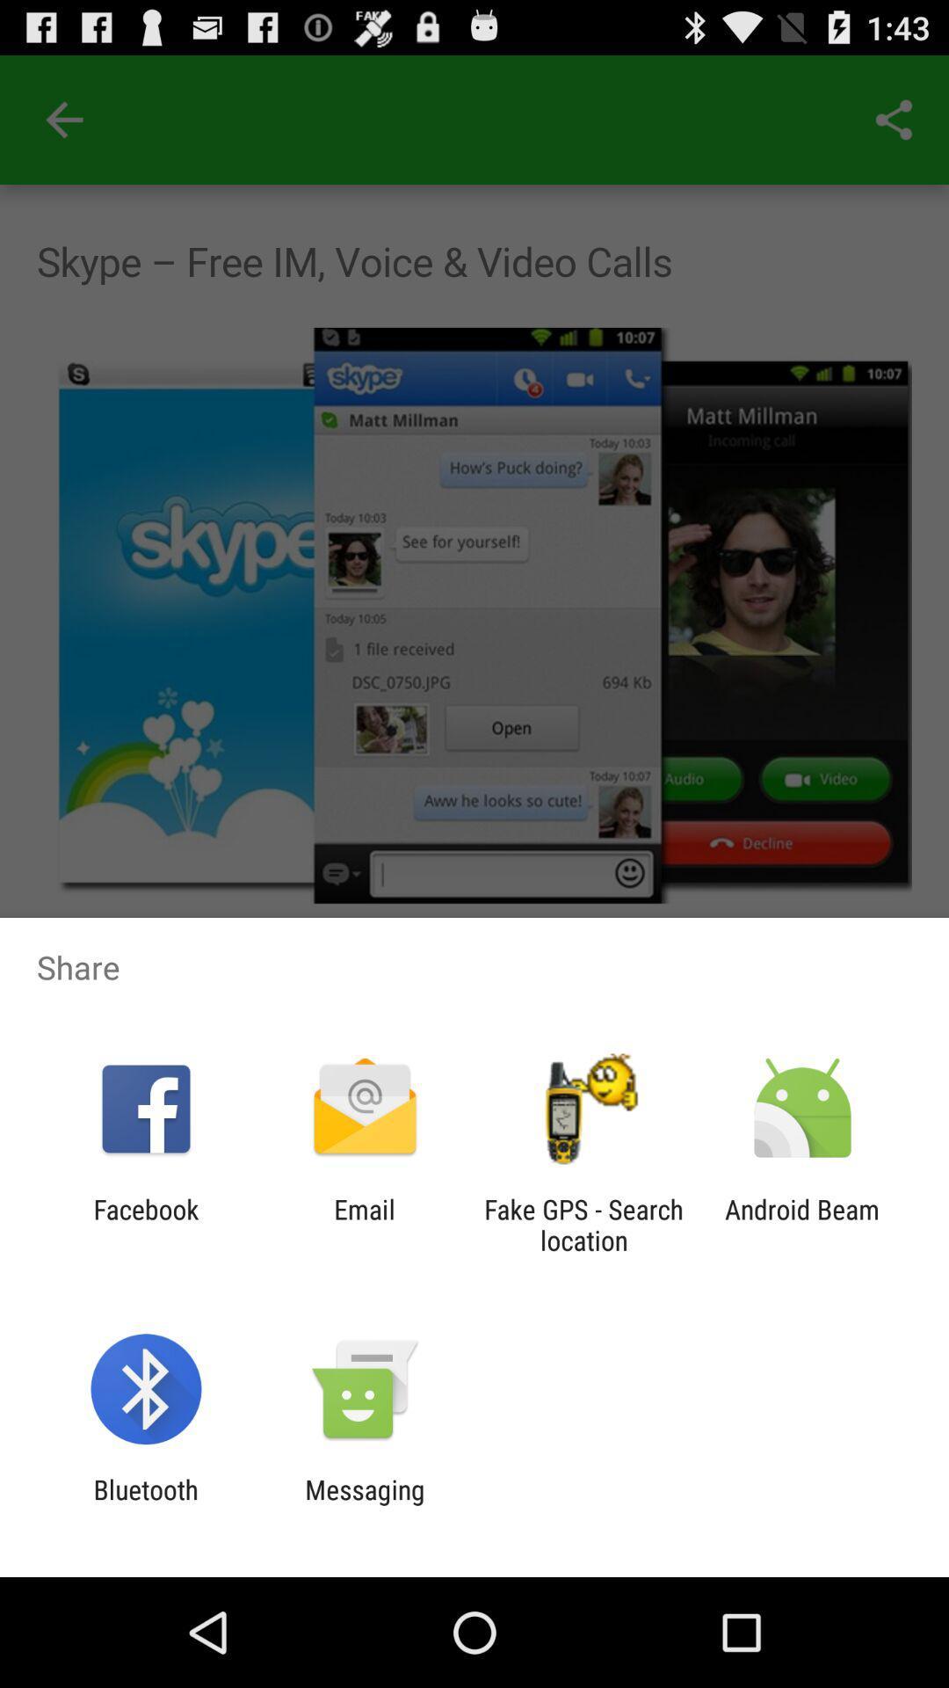 This screenshot has height=1688, width=949. What do you see at coordinates (583, 1224) in the screenshot?
I see `the fake gps search` at bounding box center [583, 1224].